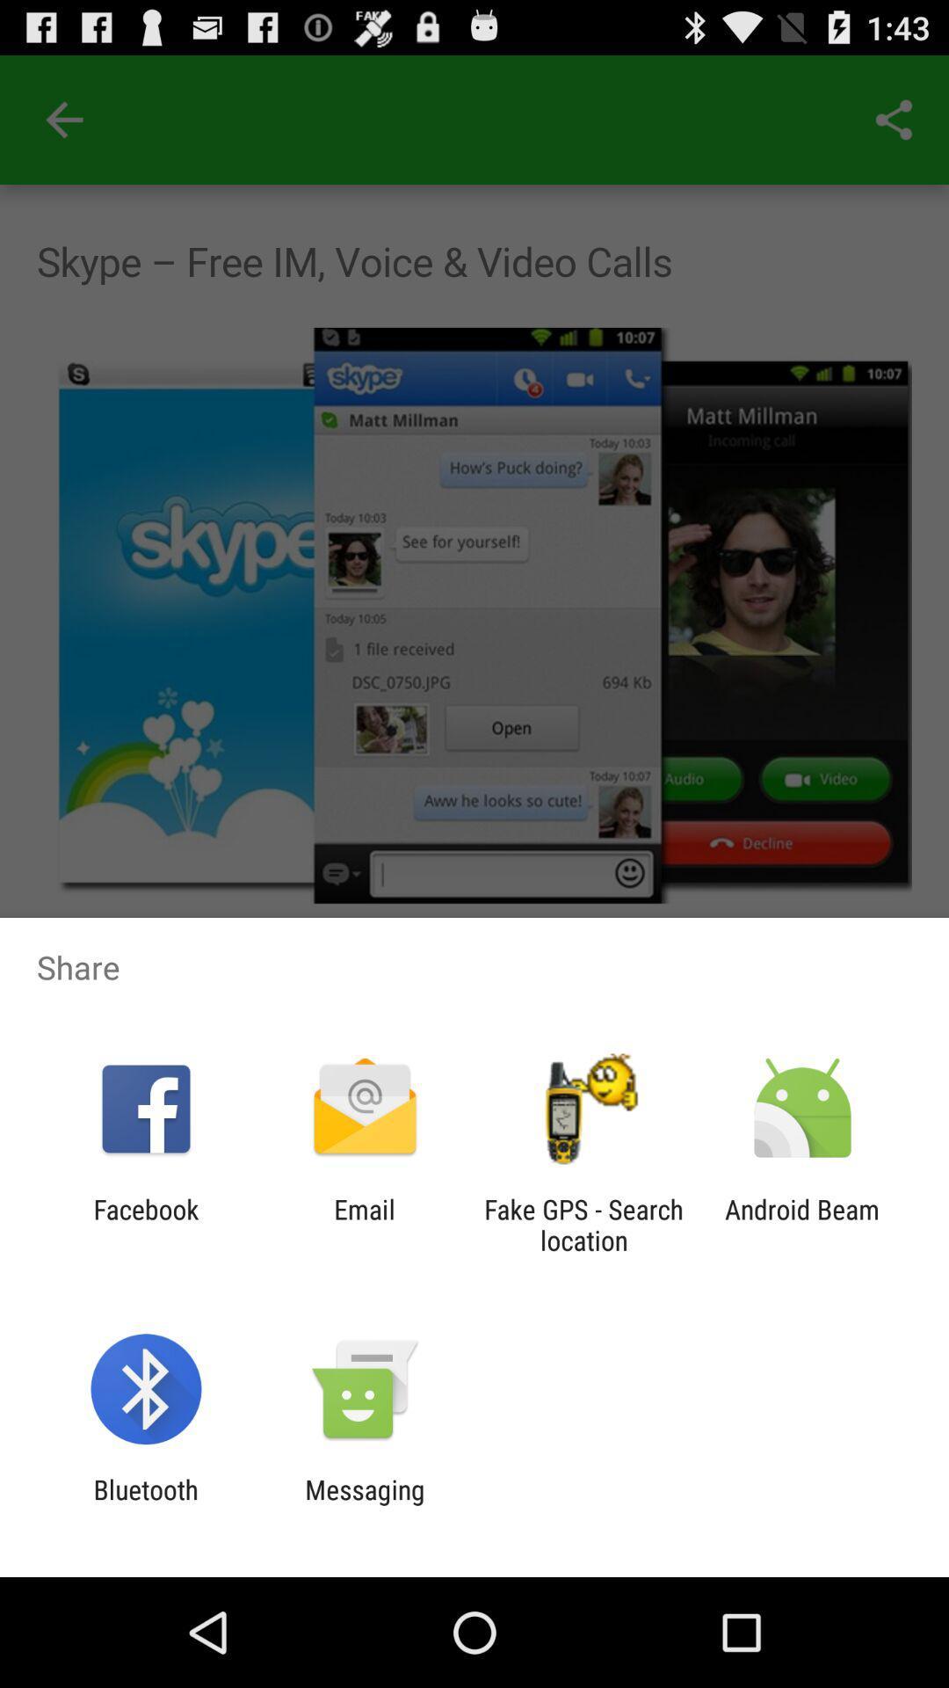 This screenshot has height=1688, width=949. What do you see at coordinates (583, 1224) in the screenshot?
I see `the fake gps search` at bounding box center [583, 1224].